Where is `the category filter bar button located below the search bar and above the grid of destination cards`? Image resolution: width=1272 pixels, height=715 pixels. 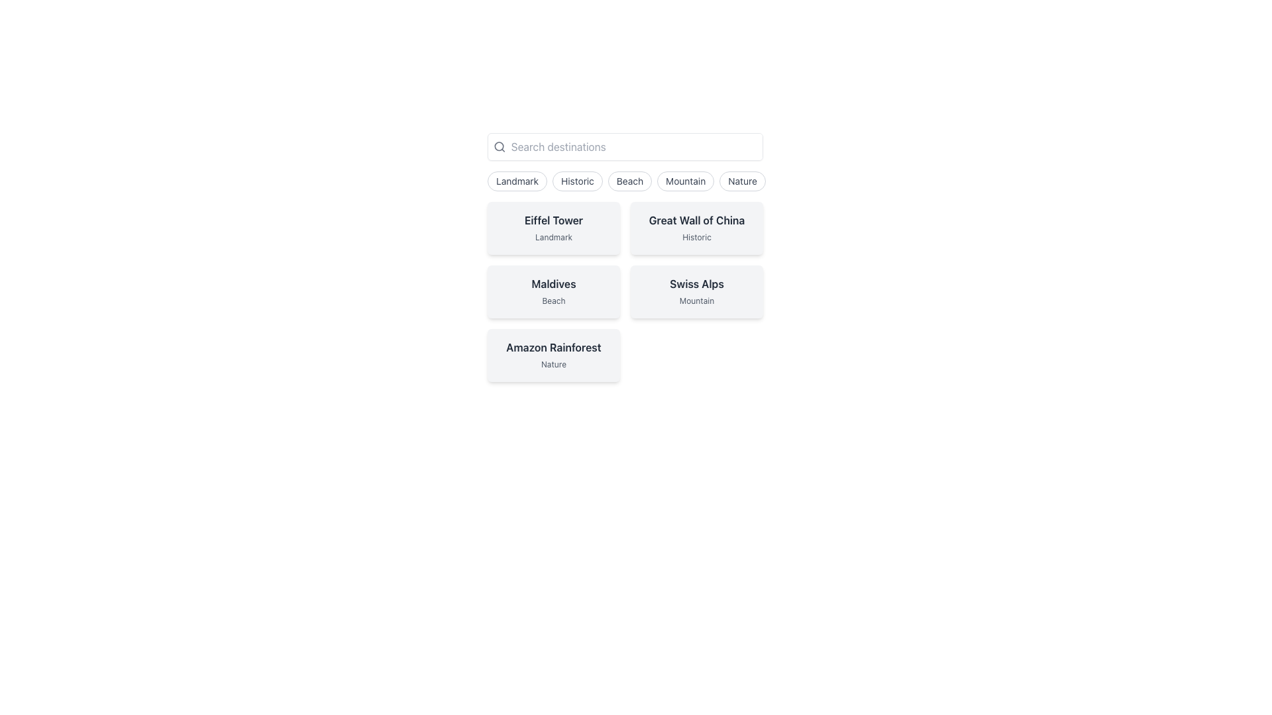
the category filter bar button located below the search bar and above the grid of destination cards is located at coordinates (625, 181).